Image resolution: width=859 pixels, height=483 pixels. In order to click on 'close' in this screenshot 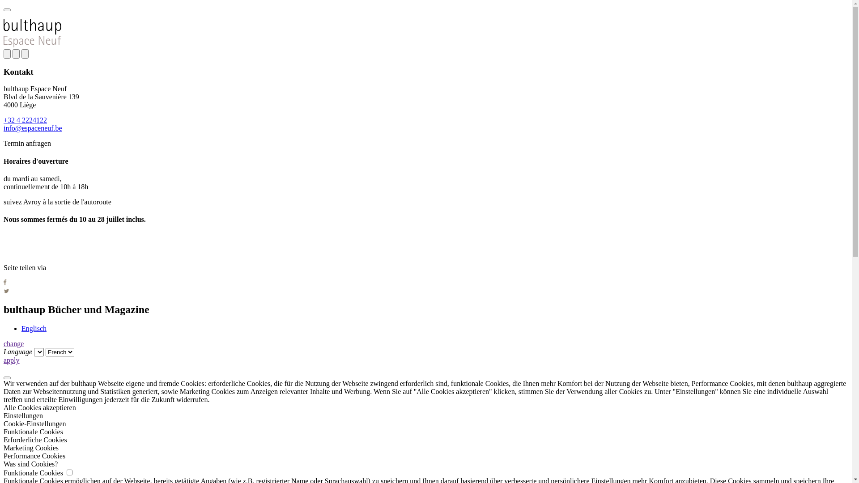, I will do `click(21, 54)`.